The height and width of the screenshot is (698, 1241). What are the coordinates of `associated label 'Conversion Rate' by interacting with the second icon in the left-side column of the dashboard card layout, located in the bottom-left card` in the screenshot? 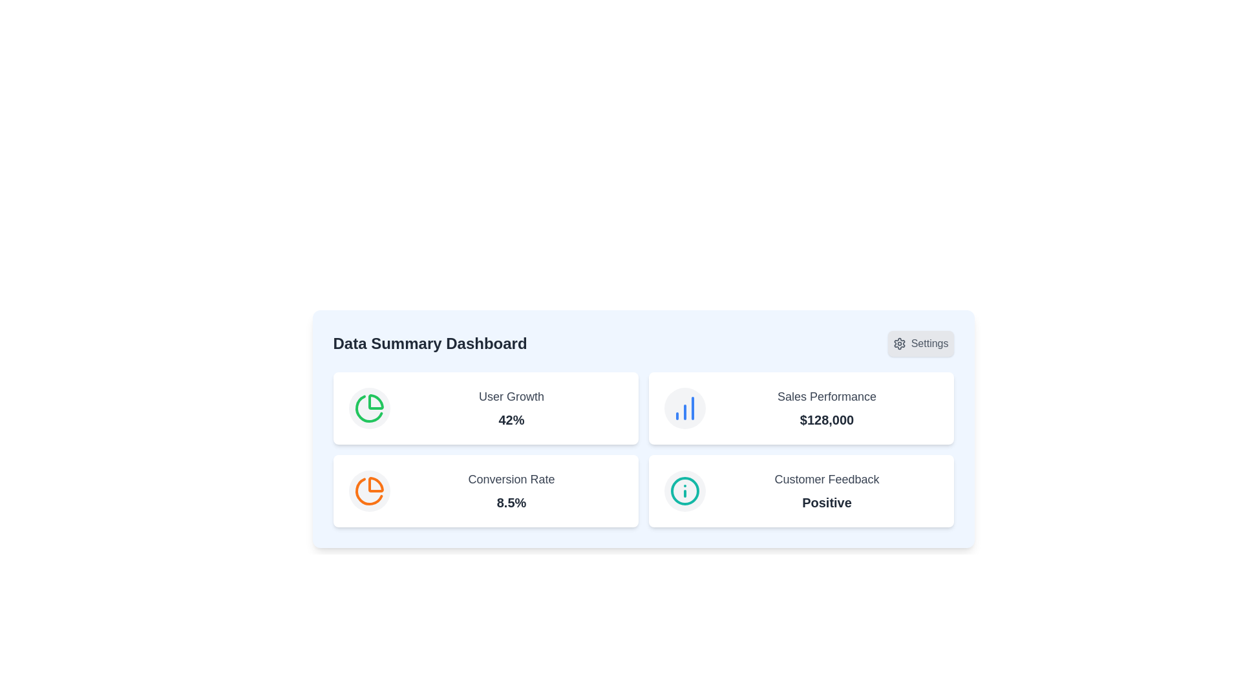 It's located at (368, 491).